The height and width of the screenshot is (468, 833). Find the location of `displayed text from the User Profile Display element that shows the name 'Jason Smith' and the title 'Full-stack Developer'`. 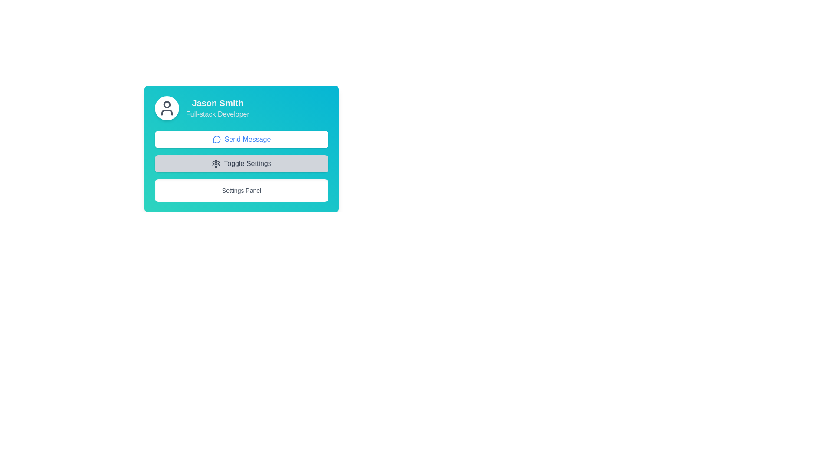

displayed text from the User Profile Display element that shows the name 'Jason Smith' and the title 'Full-stack Developer' is located at coordinates (241, 108).